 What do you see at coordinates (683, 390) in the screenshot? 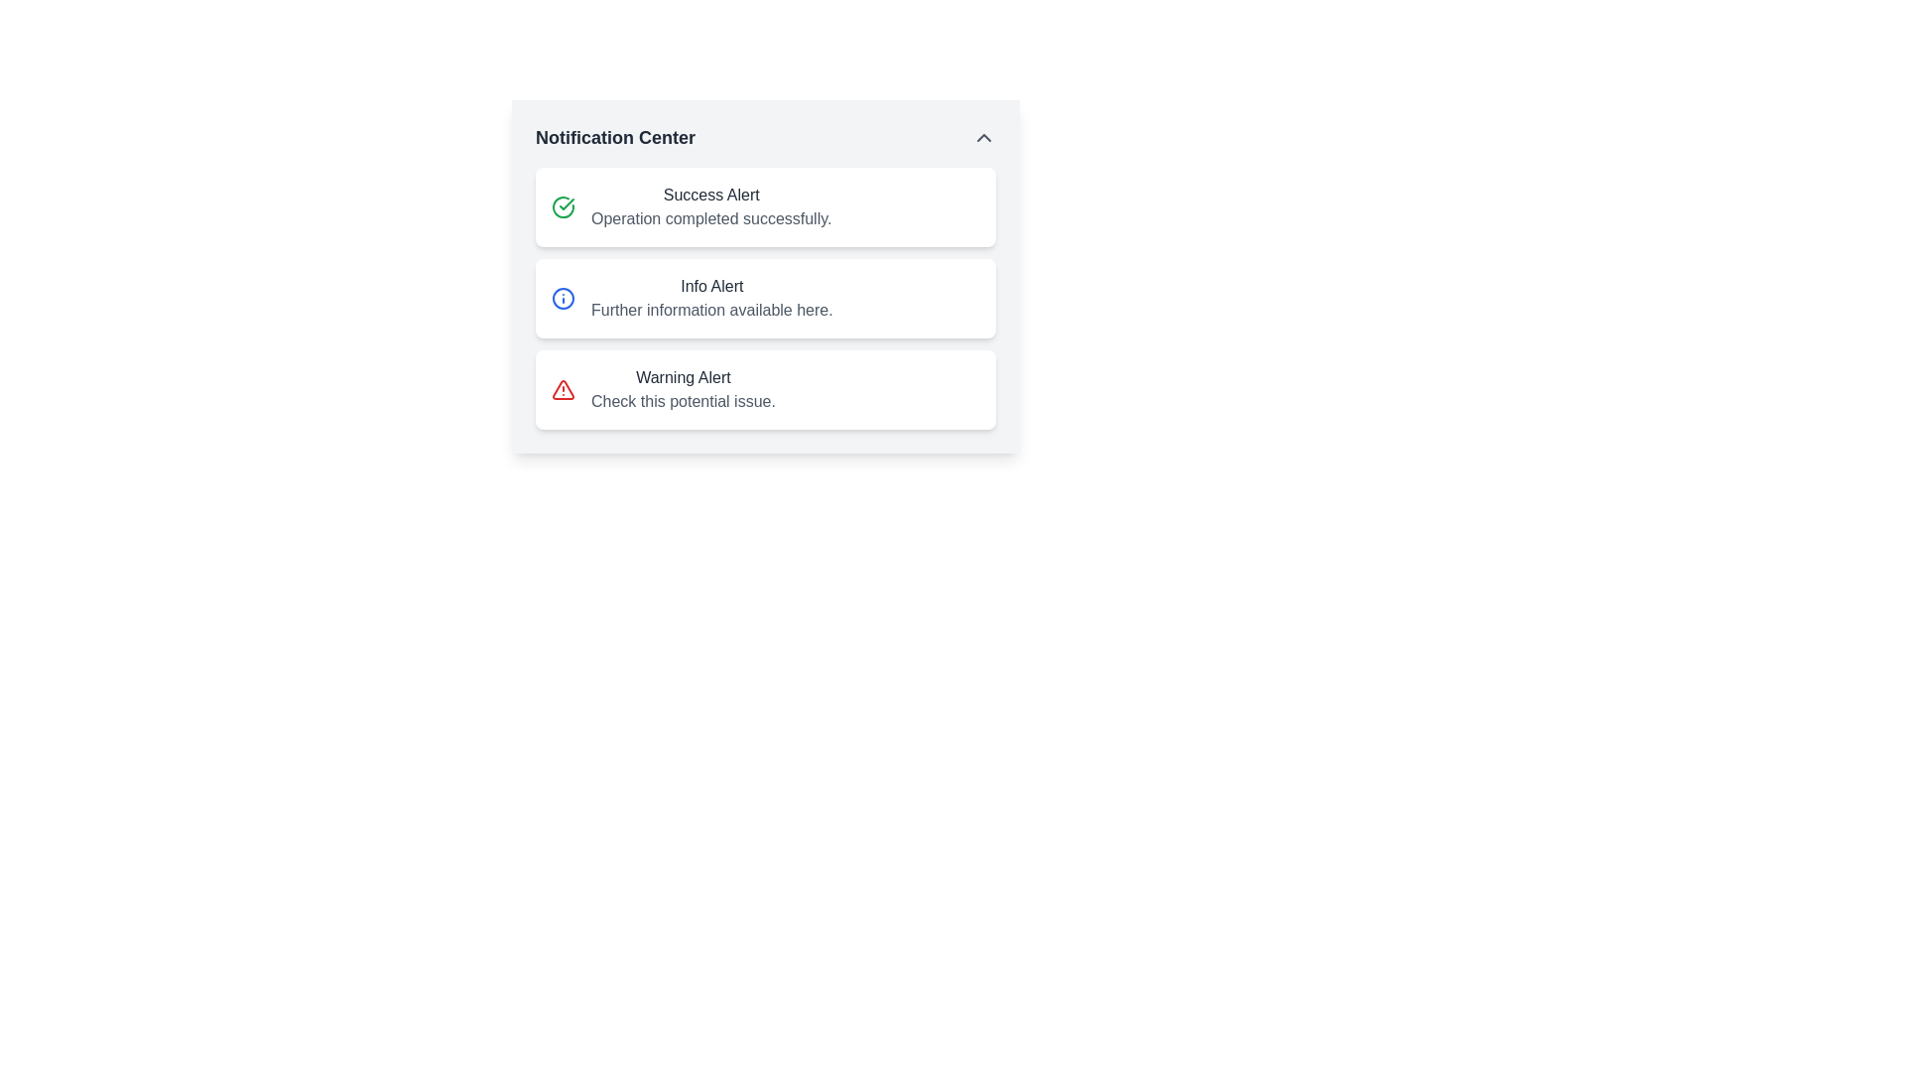
I see `warning notification text block located in the bottom row of the notification list, specifically the third entry after 'Success Alert' and 'Info Alert'` at bounding box center [683, 390].